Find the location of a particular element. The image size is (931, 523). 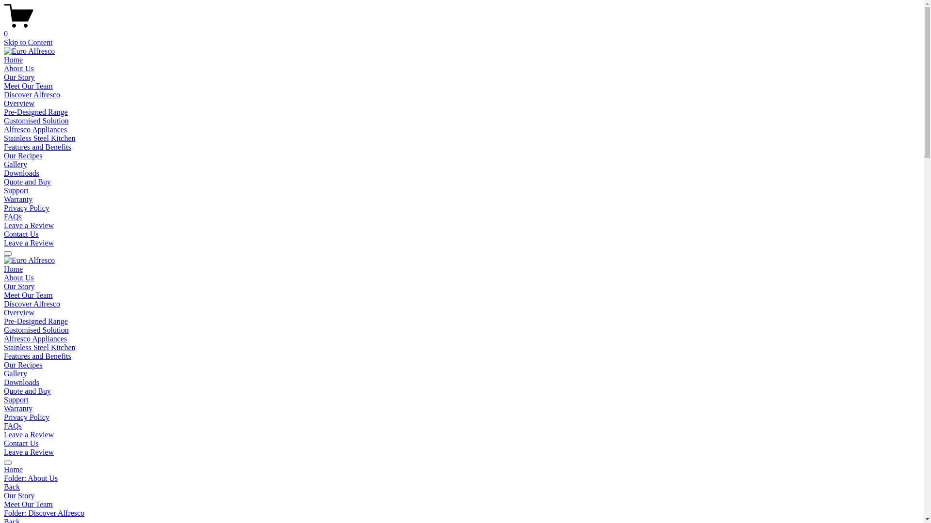

'Warranty' is located at coordinates (18, 199).